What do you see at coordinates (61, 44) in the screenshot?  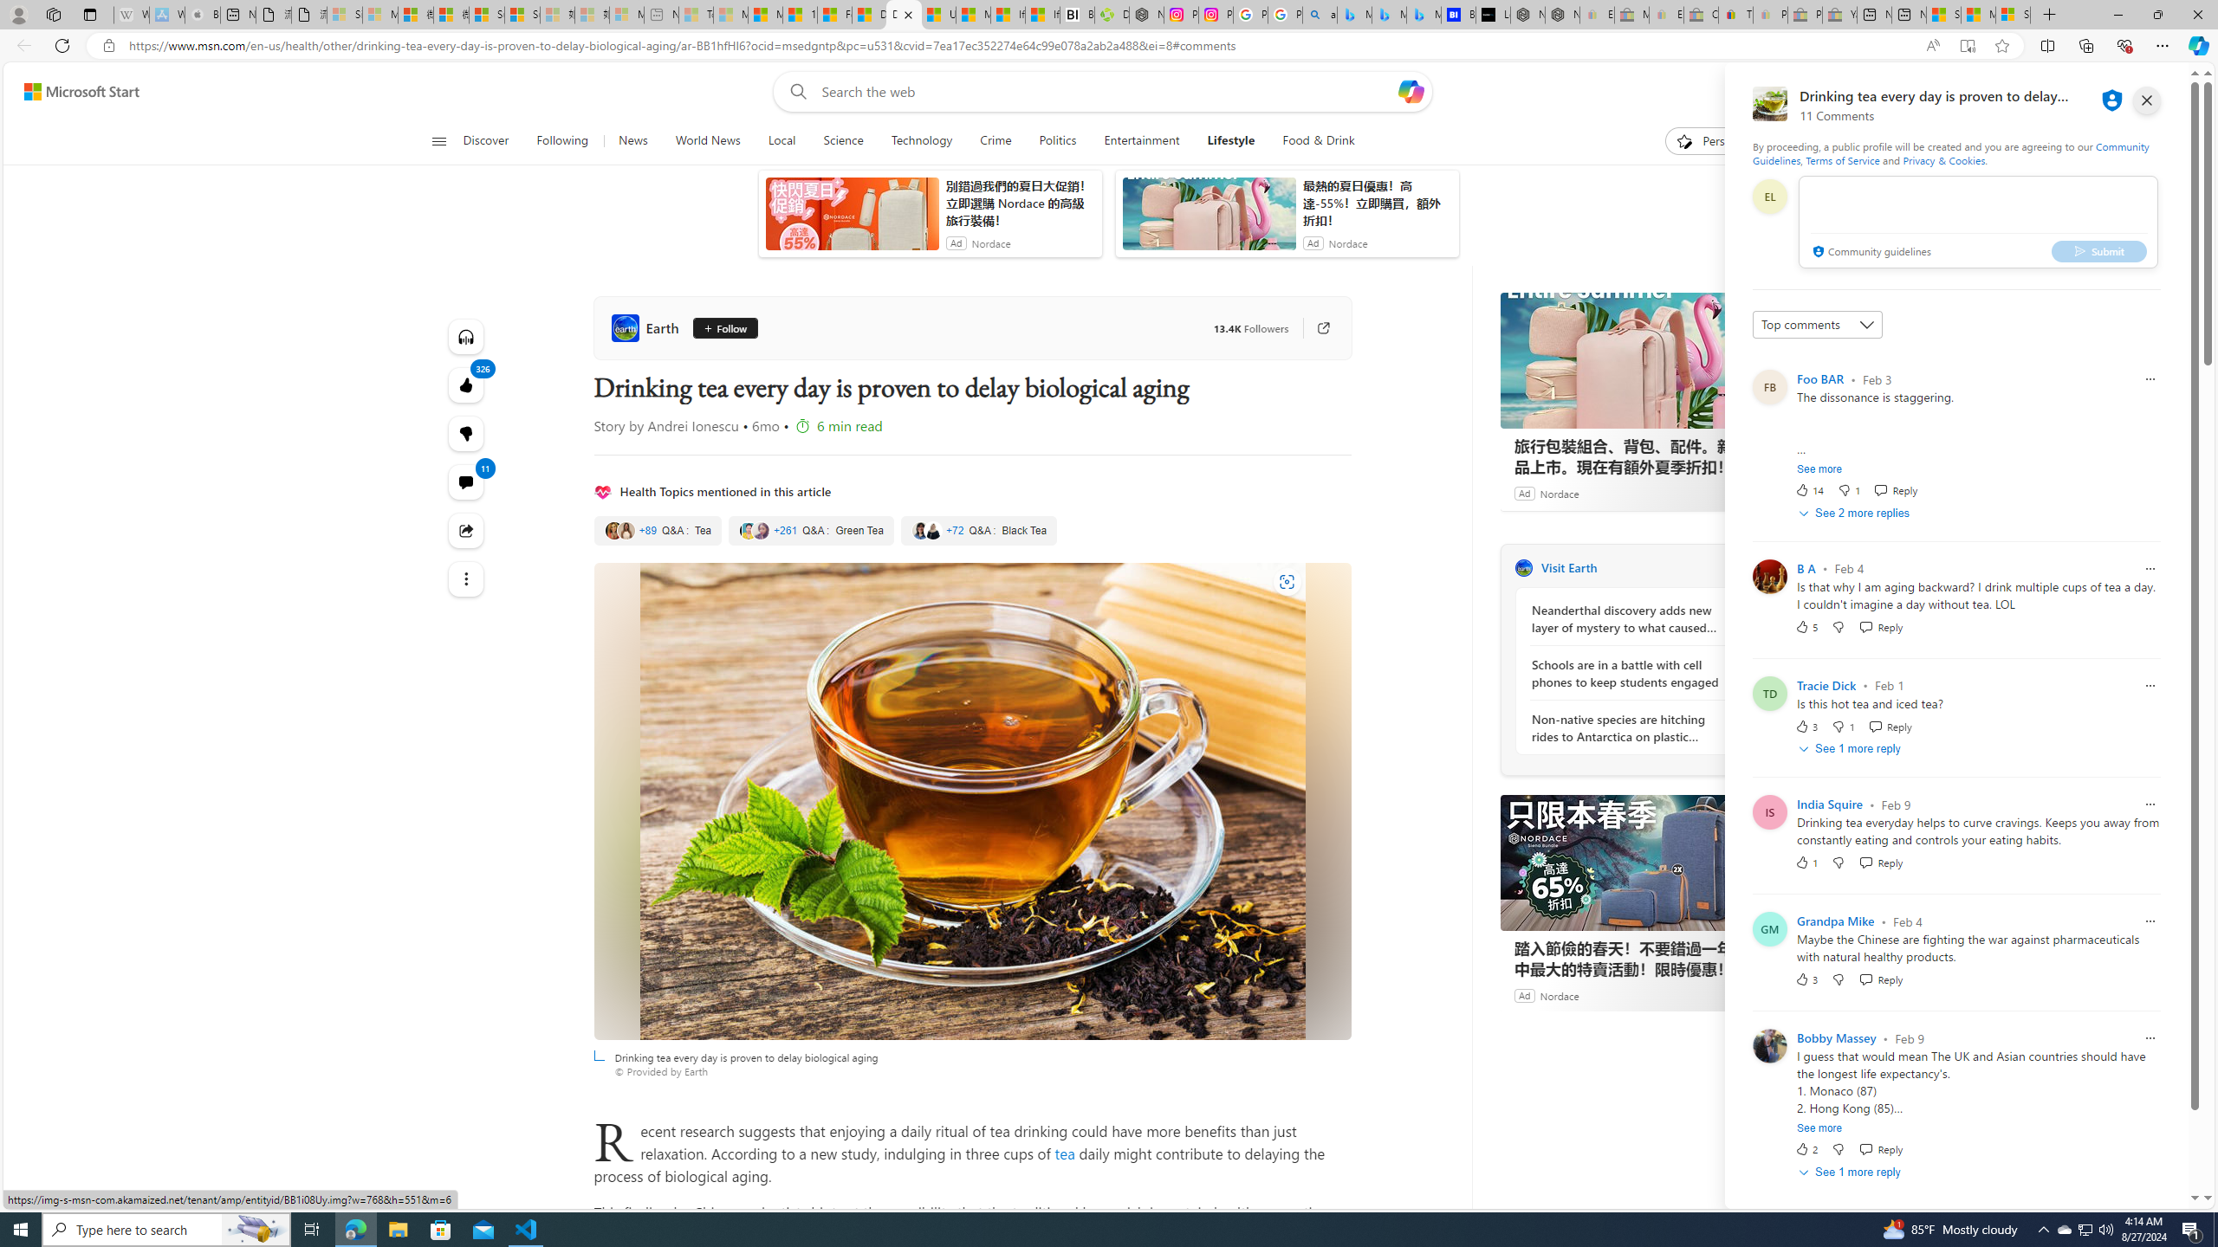 I see `'Refresh'` at bounding box center [61, 44].